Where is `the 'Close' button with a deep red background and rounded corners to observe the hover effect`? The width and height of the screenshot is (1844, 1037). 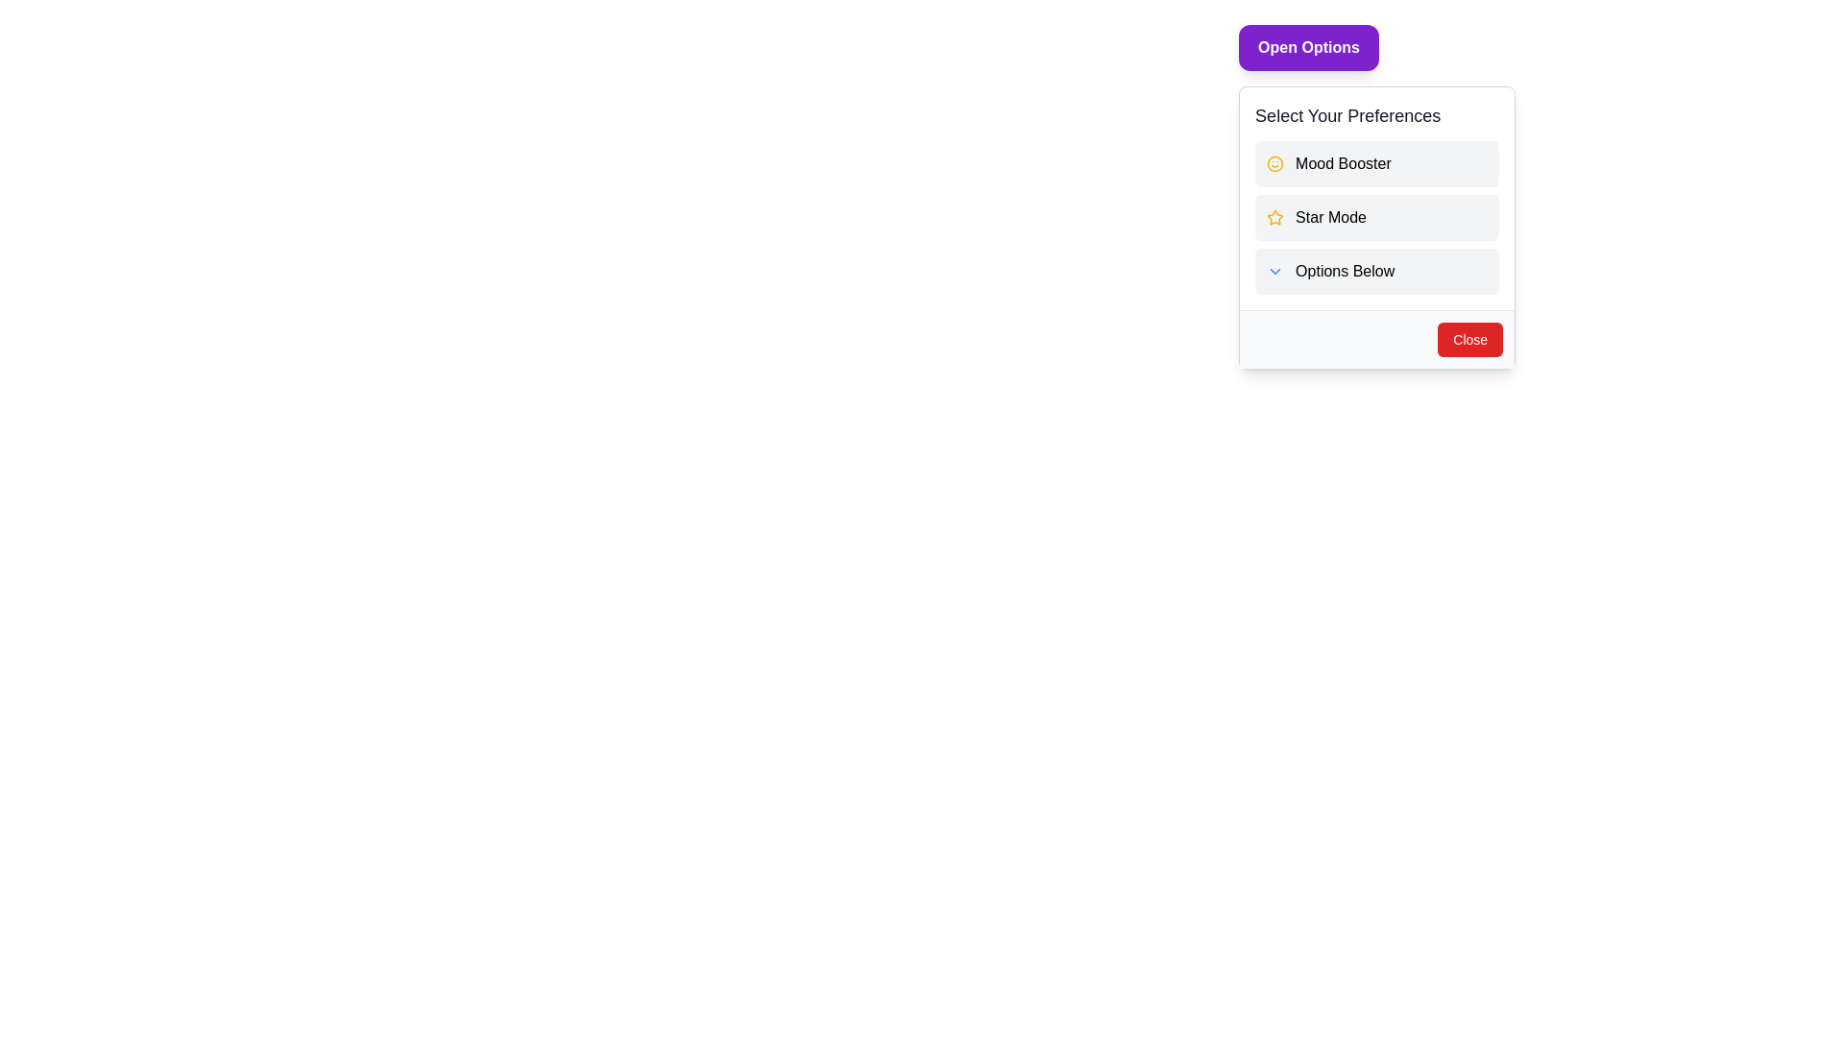 the 'Close' button with a deep red background and rounded corners to observe the hover effect is located at coordinates (1469, 339).